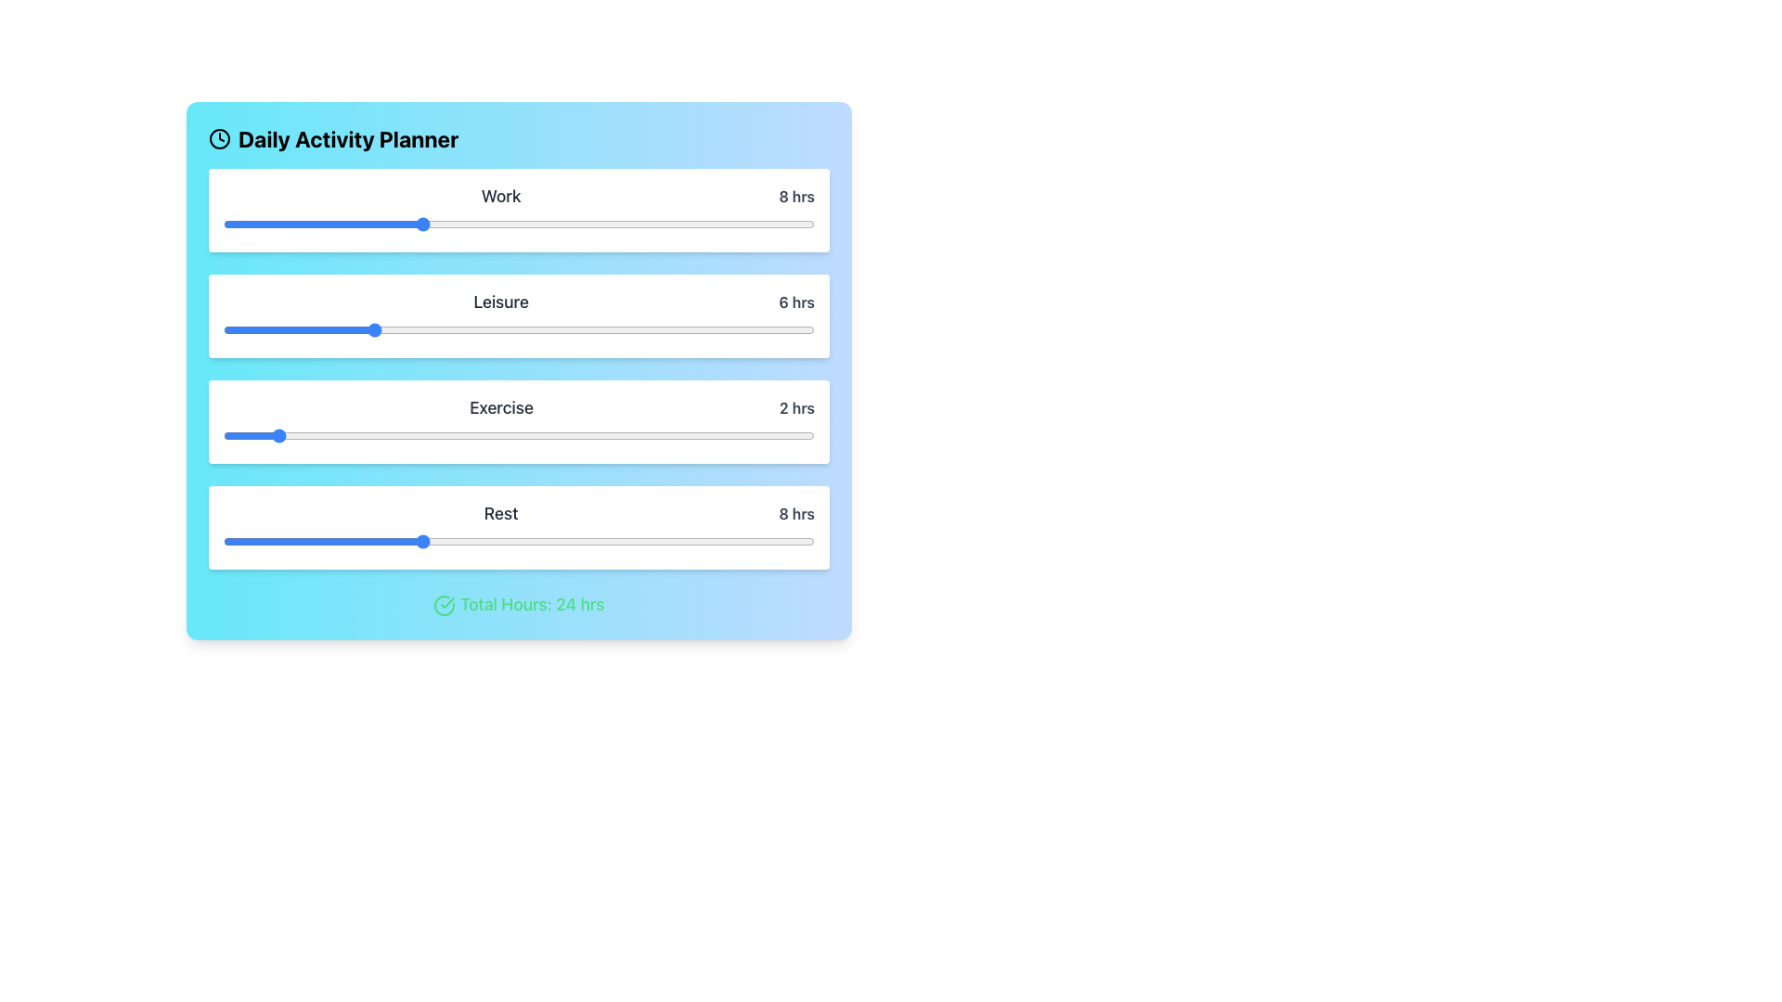 This screenshot has width=1782, height=1002. I want to click on the range slider track to move the thumb to a specific position beneath the 'Work' label and to the left of the '8 hrs' text, so click(519, 224).